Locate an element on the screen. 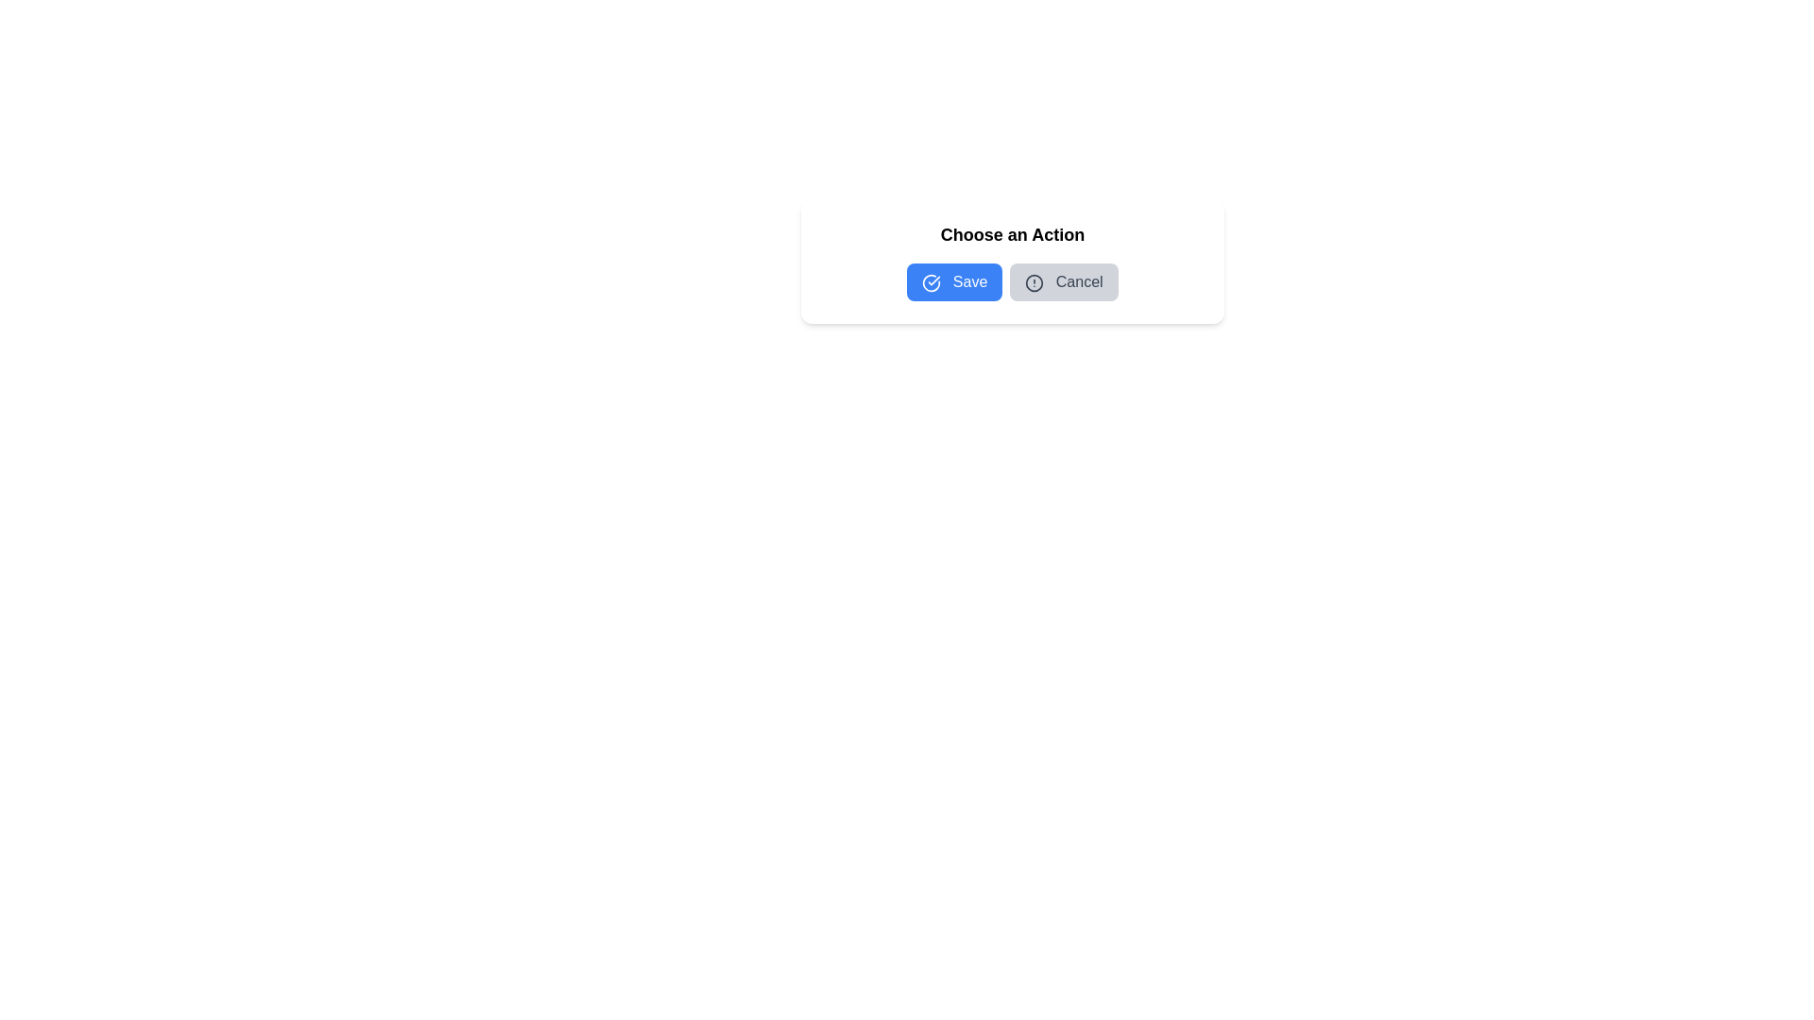 This screenshot has width=1814, height=1020. the save button, which is the first button in the horizontal layout group located to the left of the gray 'Cancel' button is located at coordinates (954, 282).